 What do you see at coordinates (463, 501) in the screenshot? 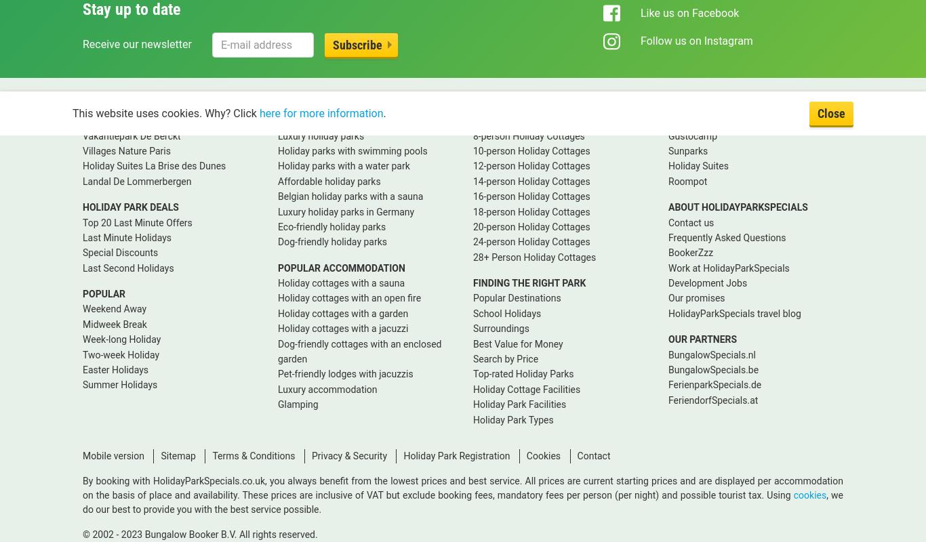
I see `', we do our best to provide you with the best service possible.'` at bounding box center [463, 501].